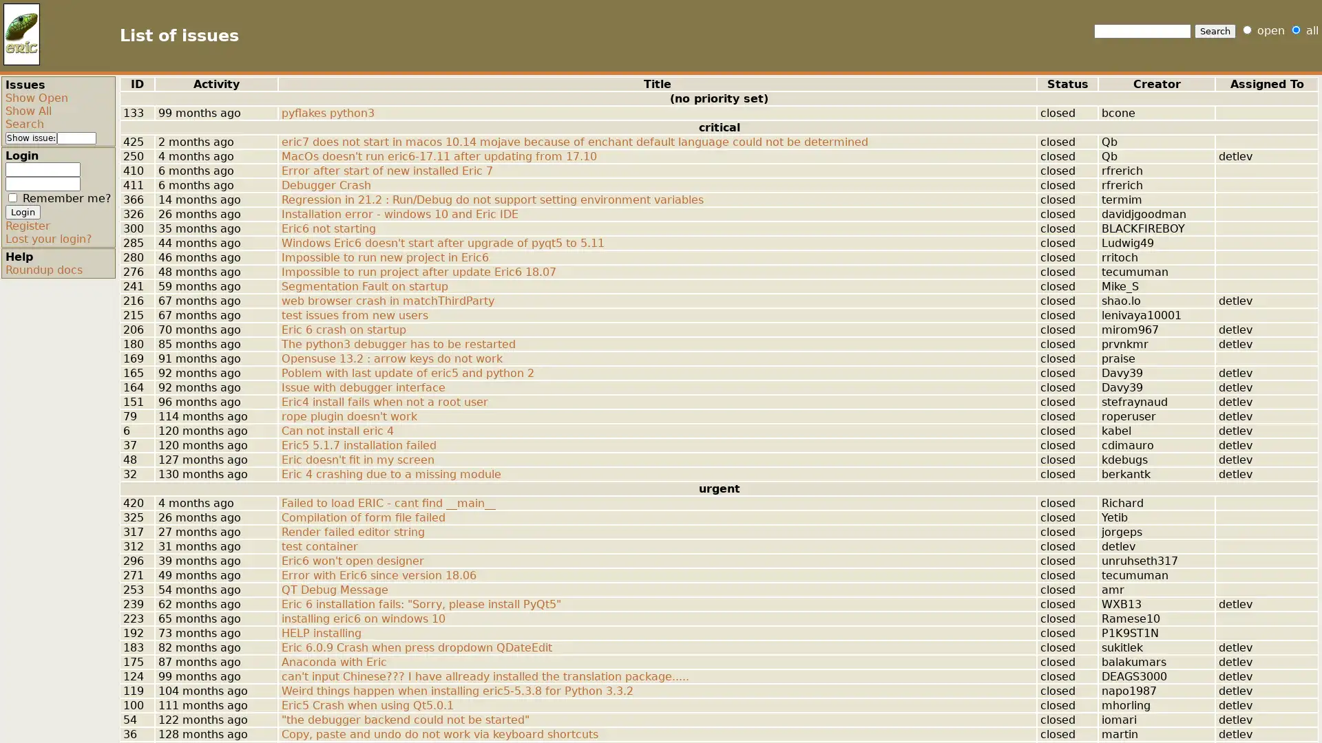  What do you see at coordinates (1215, 31) in the screenshot?
I see `Search` at bounding box center [1215, 31].